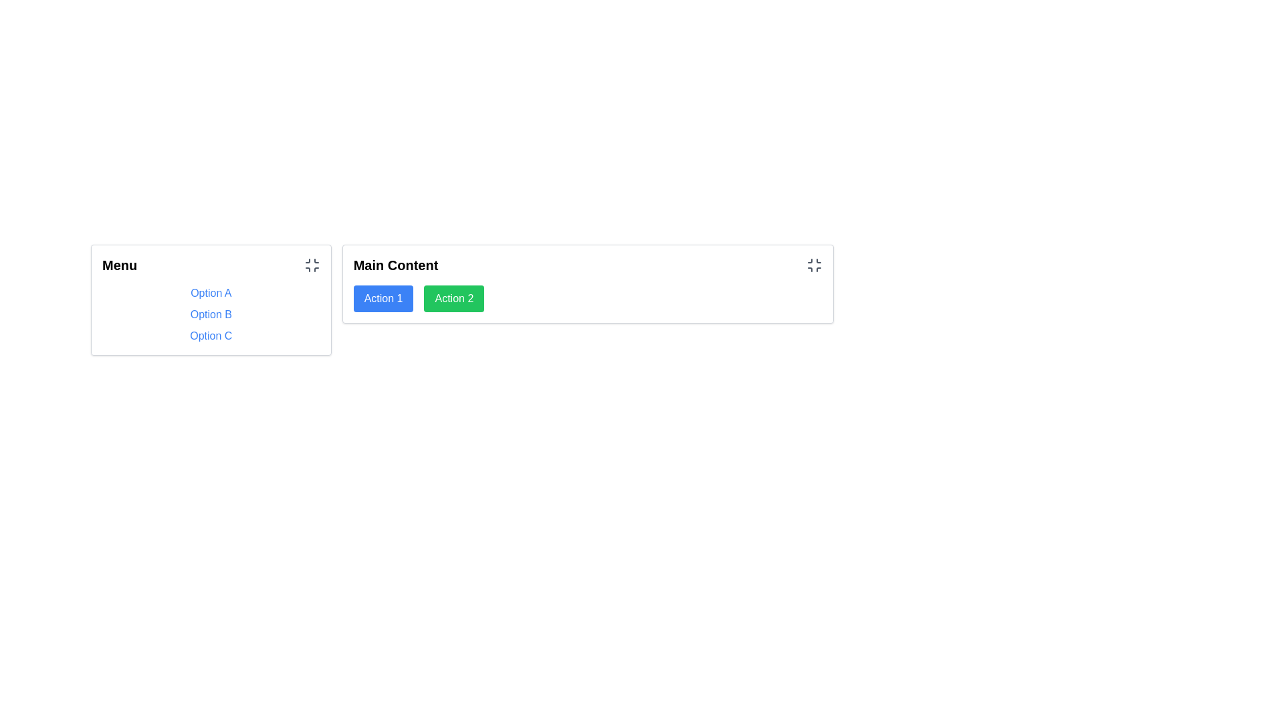  Describe the element at coordinates (454, 298) in the screenshot. I see `the button labeled 'Action 2' which is positioned immediately to the right of the 'Action 1' button within the 'Main Content' block` at that location.